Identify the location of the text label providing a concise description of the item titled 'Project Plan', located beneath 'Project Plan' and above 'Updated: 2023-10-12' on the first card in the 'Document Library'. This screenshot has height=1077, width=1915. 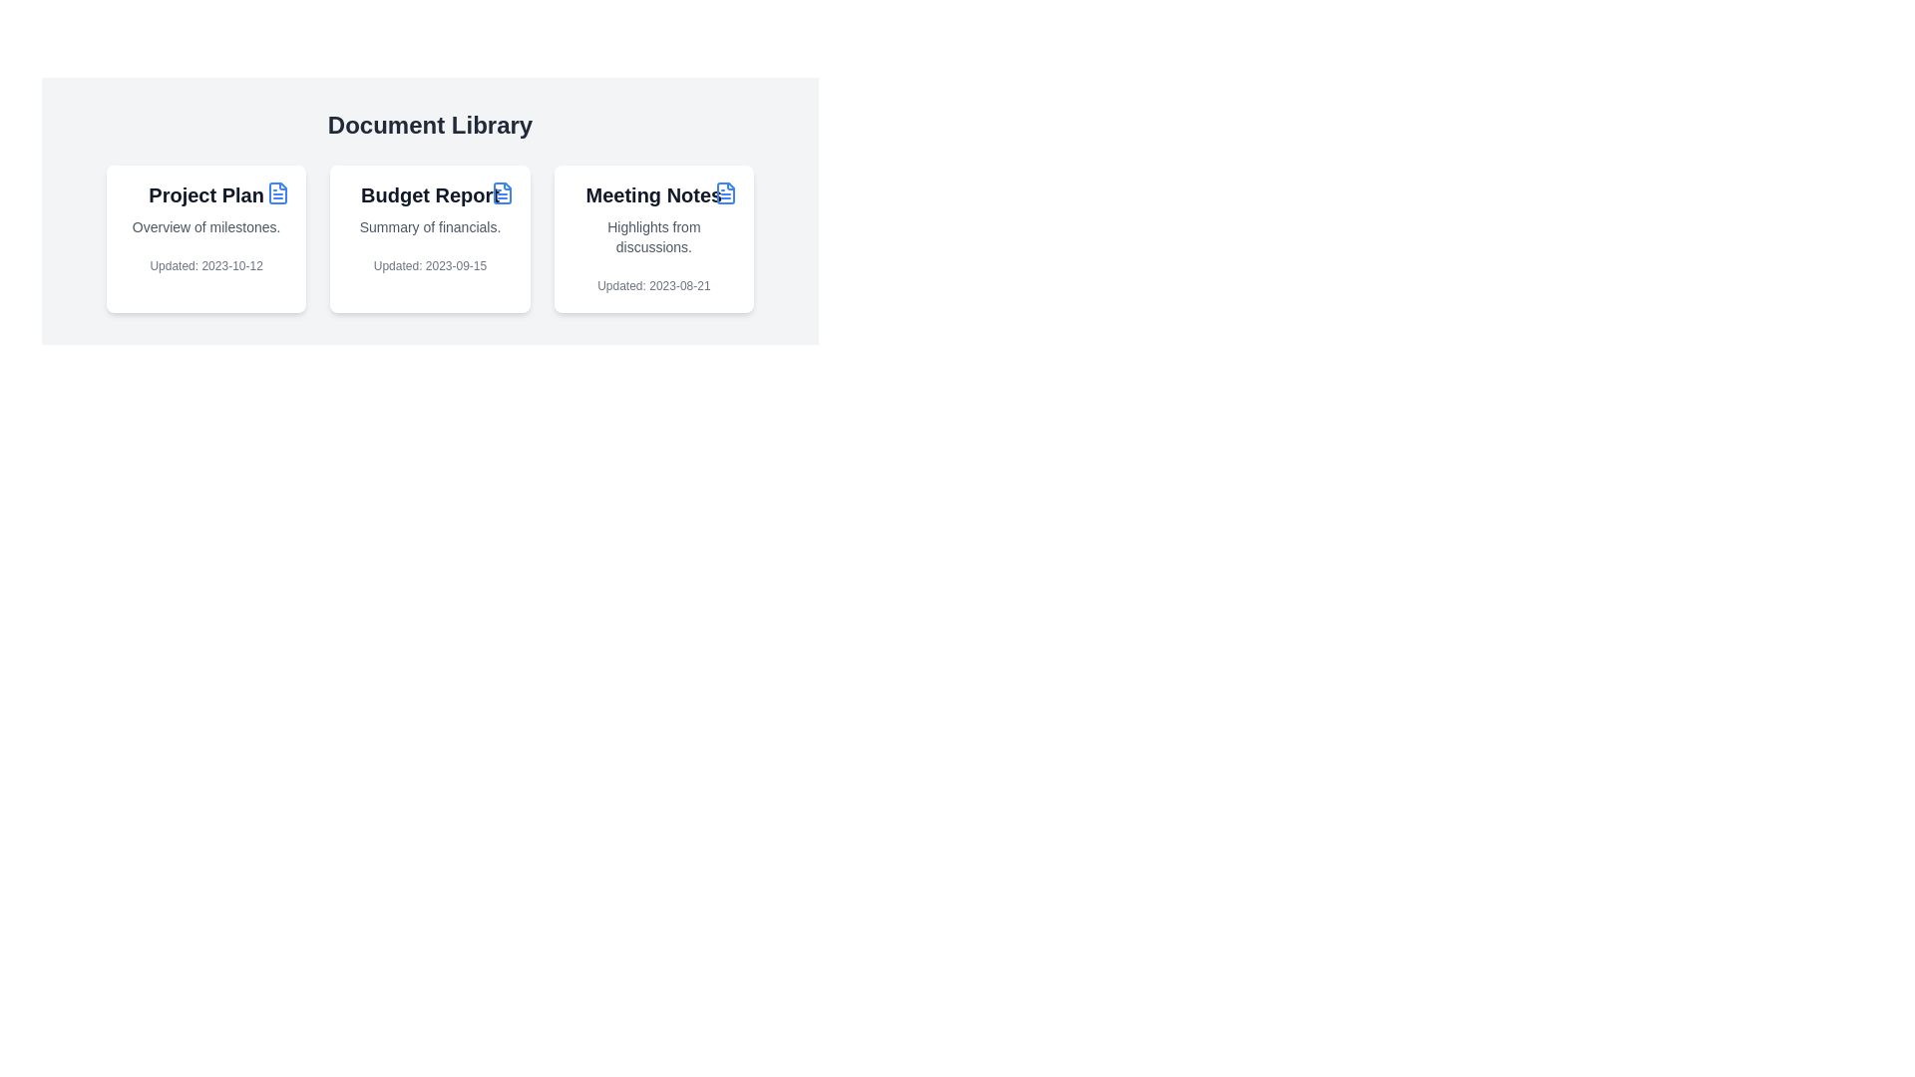
(206, 225).